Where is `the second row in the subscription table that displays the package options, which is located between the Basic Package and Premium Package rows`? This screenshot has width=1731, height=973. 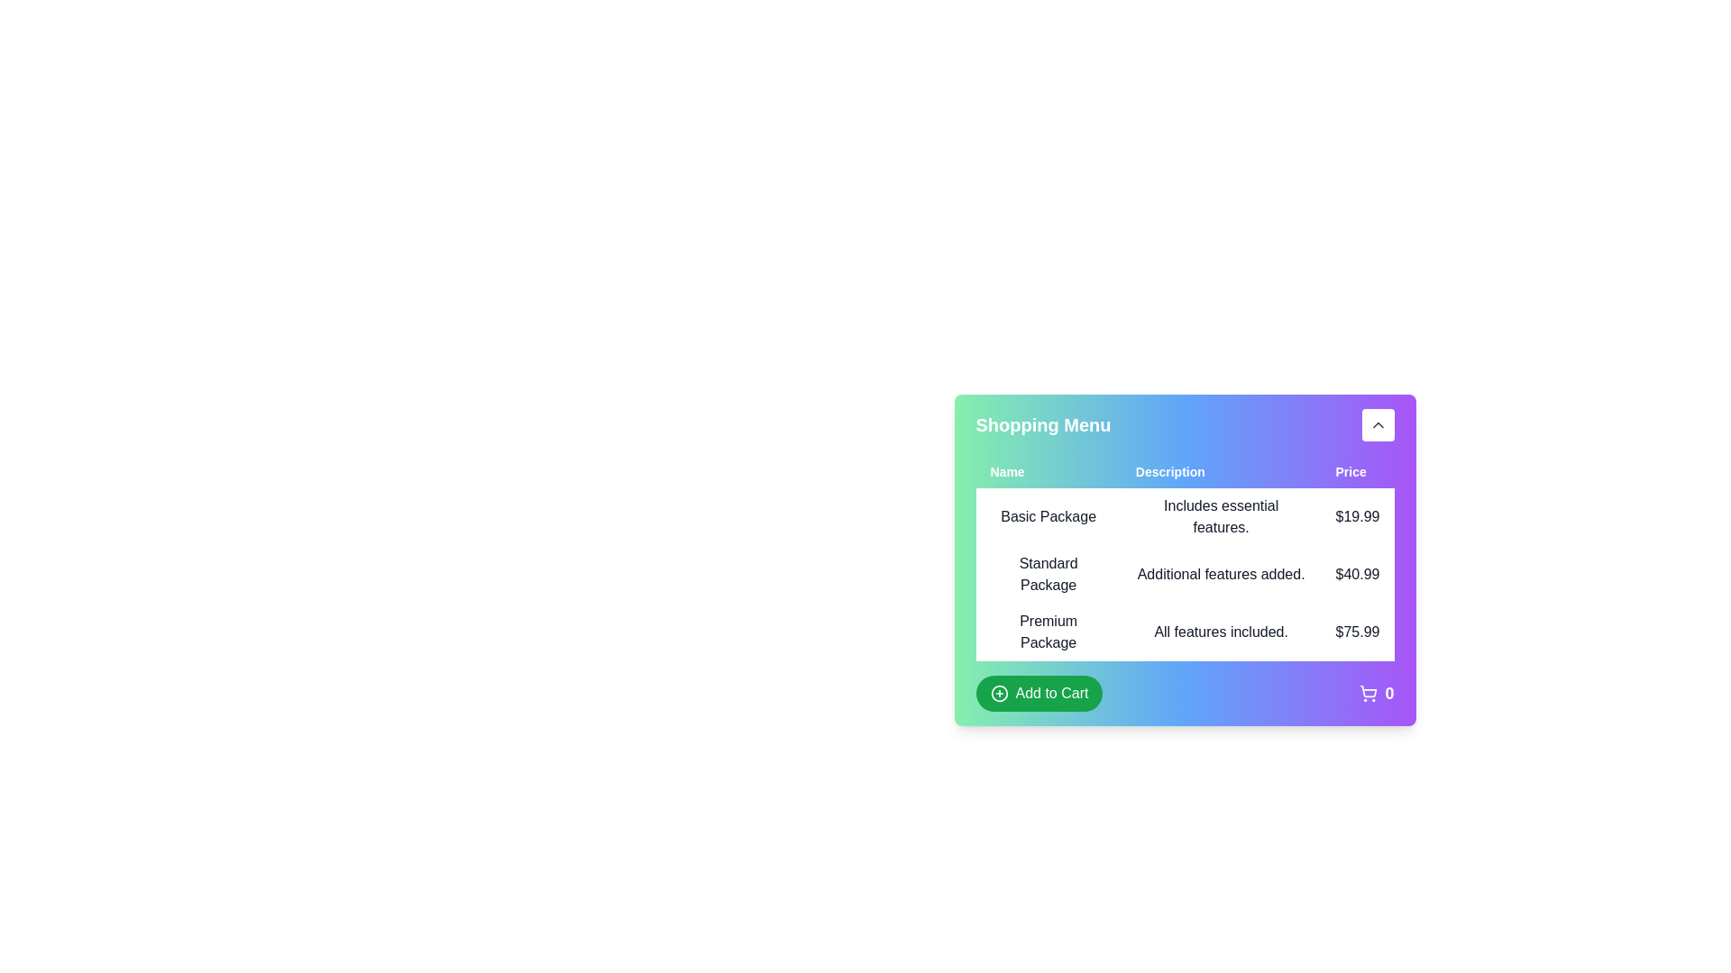 the second row in the subscription table that displays the package options, which is located between the Basic Package and Premium Package rows is located at coordinates (1185, 574).